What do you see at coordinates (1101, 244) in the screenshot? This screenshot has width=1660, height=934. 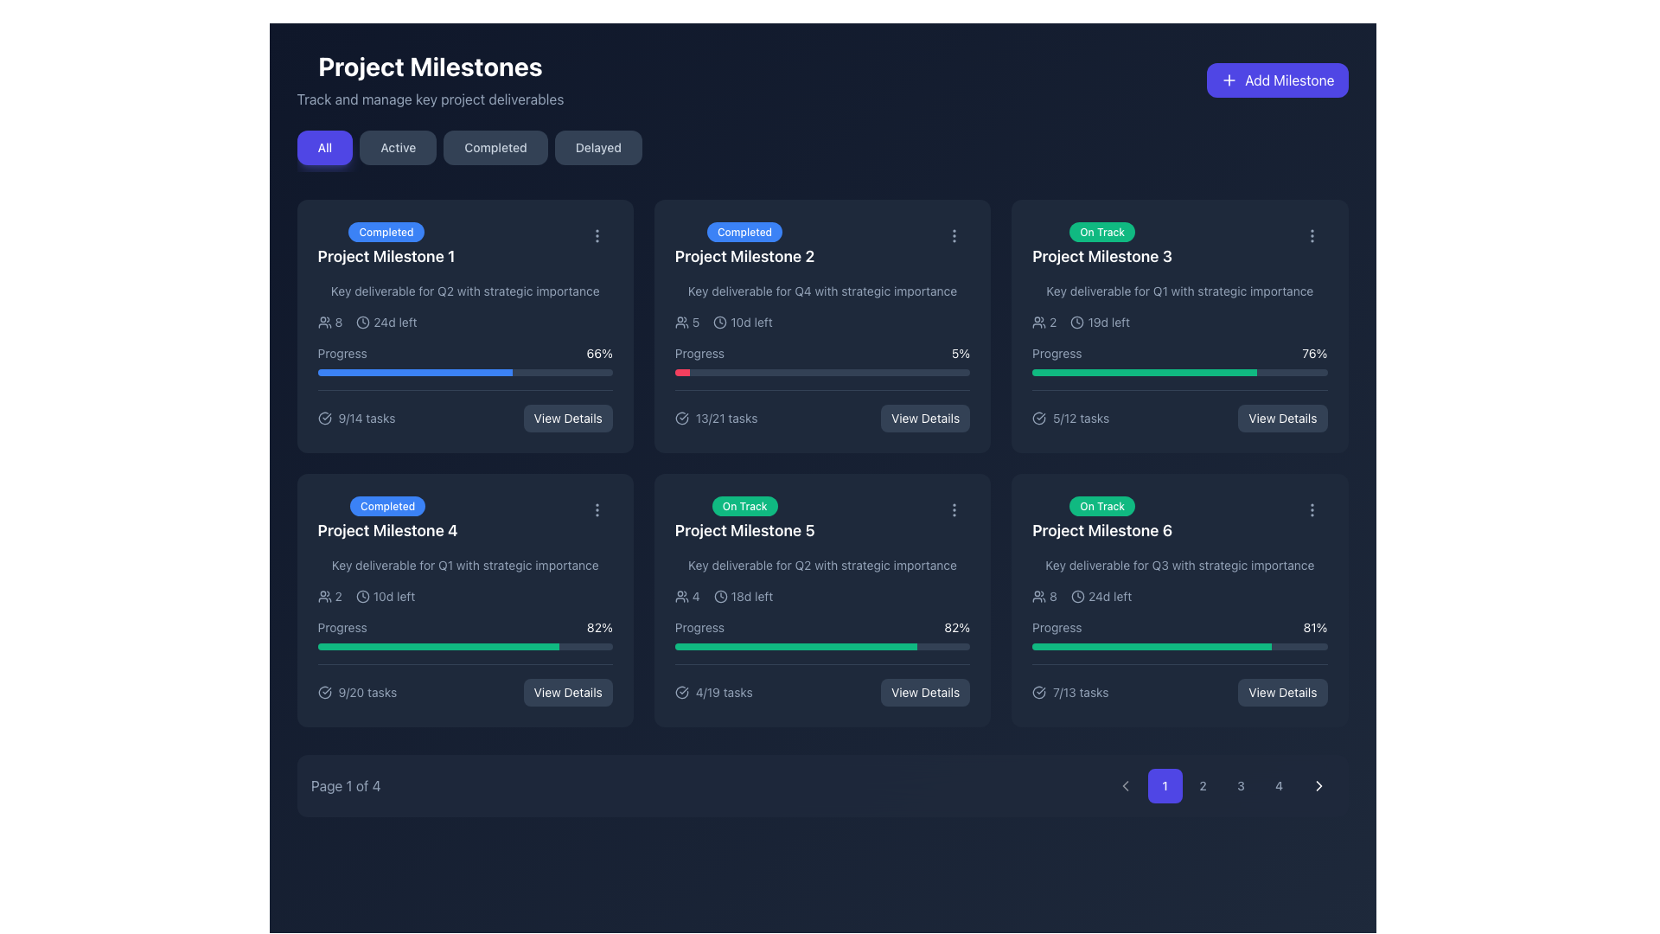 I see `the green pill-shaped label with the text 'On Track' and the larger text 'Project Milestone 3' in the third card of the 'Project Milestones' interface` at bounding box center [1101, 244].